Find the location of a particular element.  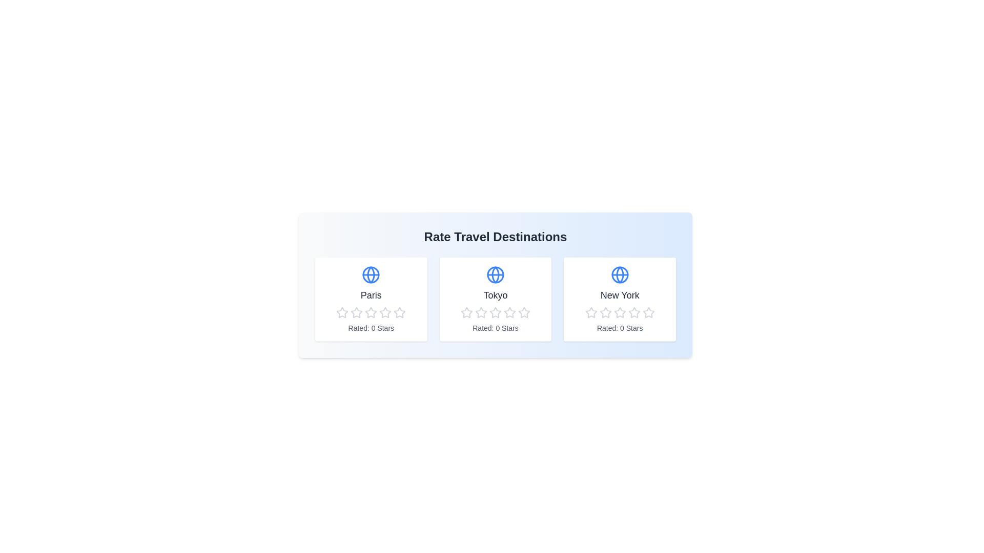

the globe icon for the destination New York is located at coordinates (619, 274).